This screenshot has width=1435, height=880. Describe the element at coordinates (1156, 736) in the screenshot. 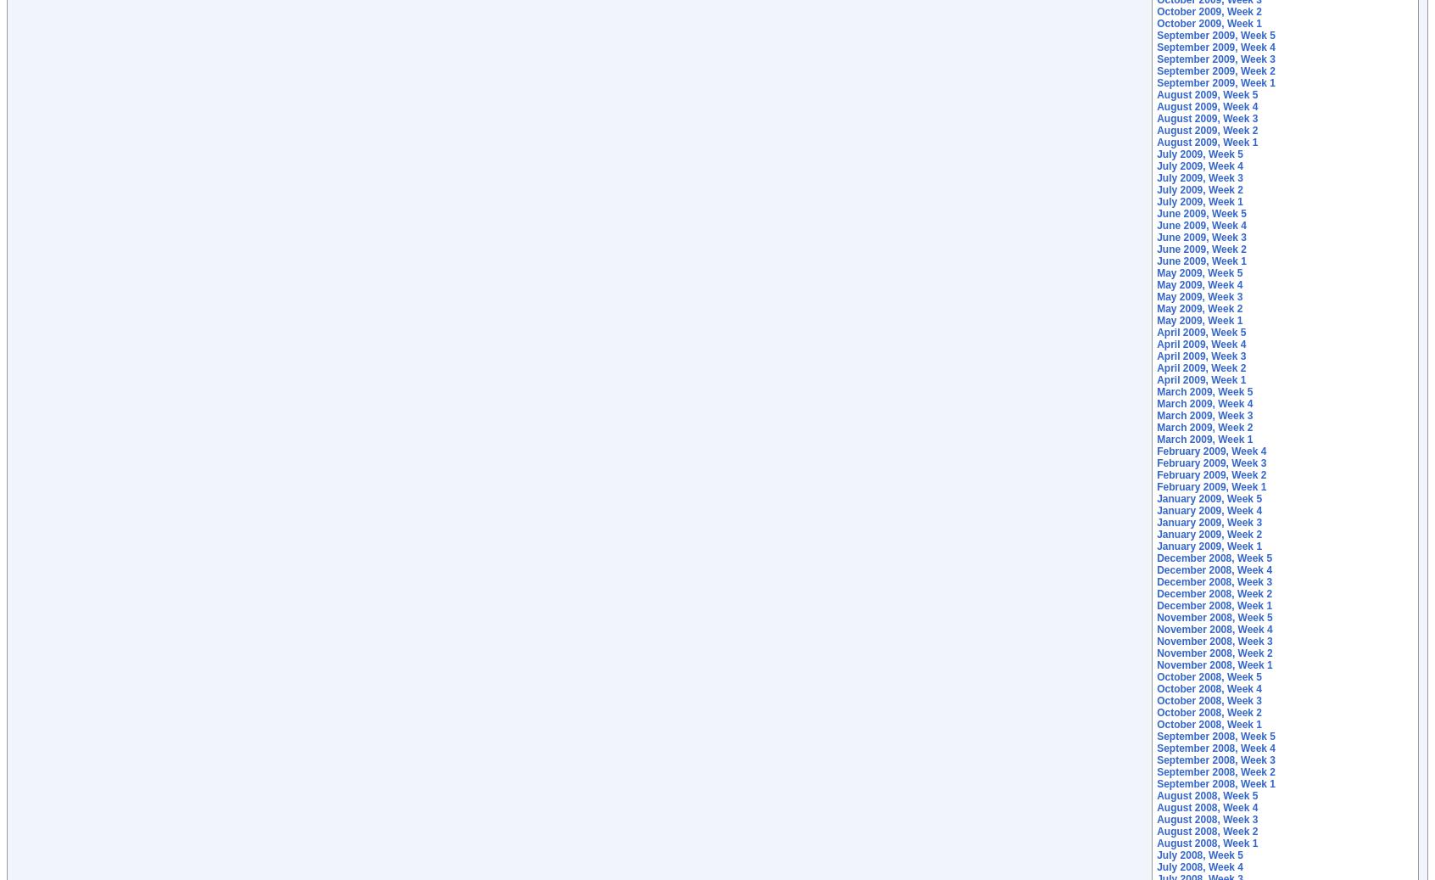

I see `'September 2008, Week 5'` at that location.